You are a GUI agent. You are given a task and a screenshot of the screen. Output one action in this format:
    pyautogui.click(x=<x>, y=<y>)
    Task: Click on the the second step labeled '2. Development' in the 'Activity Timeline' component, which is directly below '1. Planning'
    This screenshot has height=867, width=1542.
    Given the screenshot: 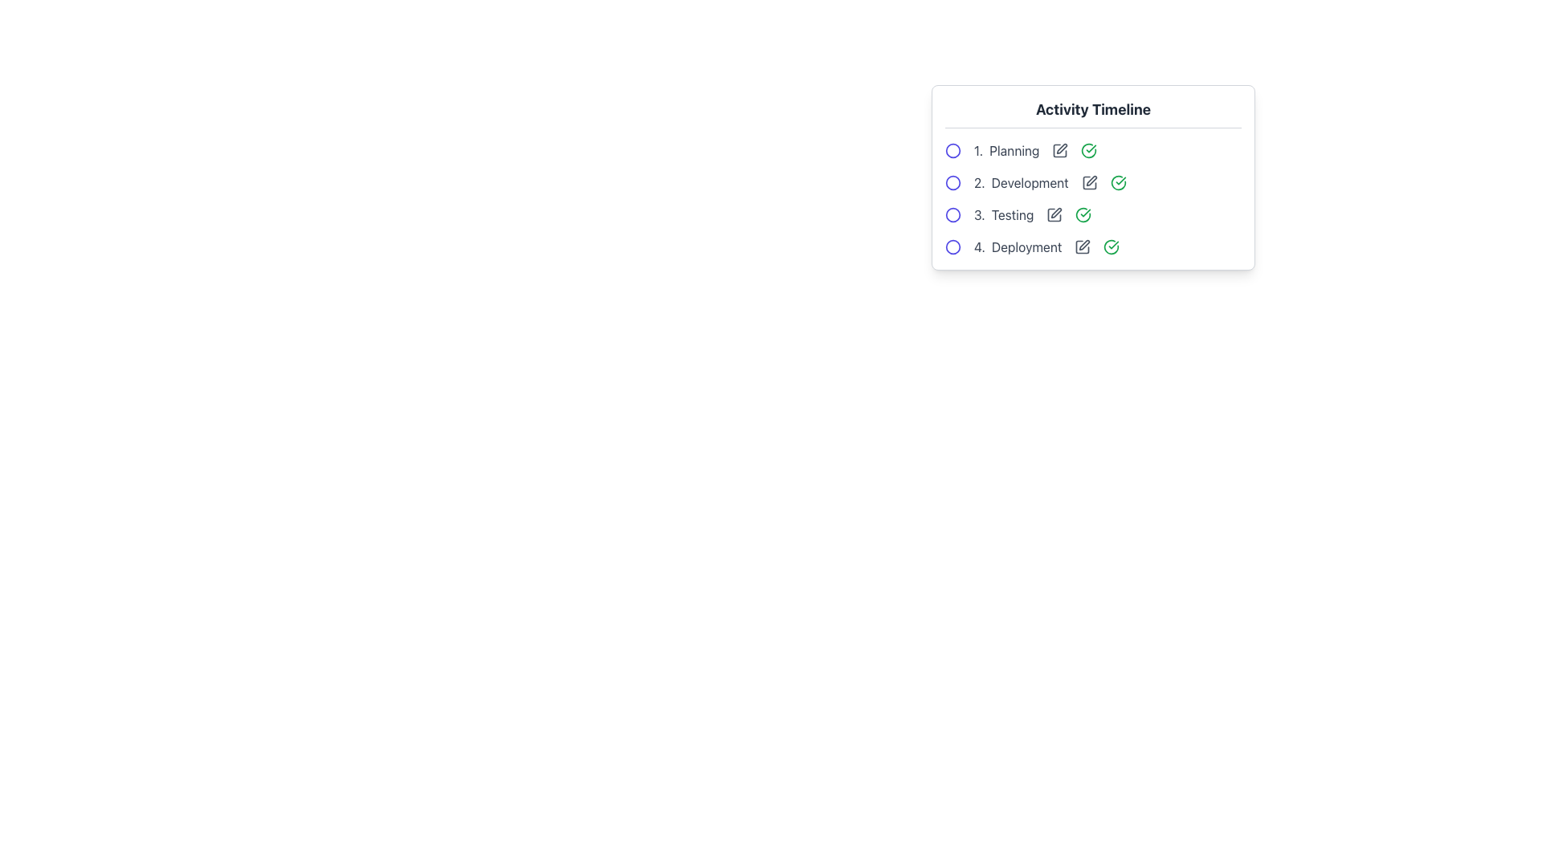 What is the action you would take?
    pyautogui.click(x=1092, y=181)
    